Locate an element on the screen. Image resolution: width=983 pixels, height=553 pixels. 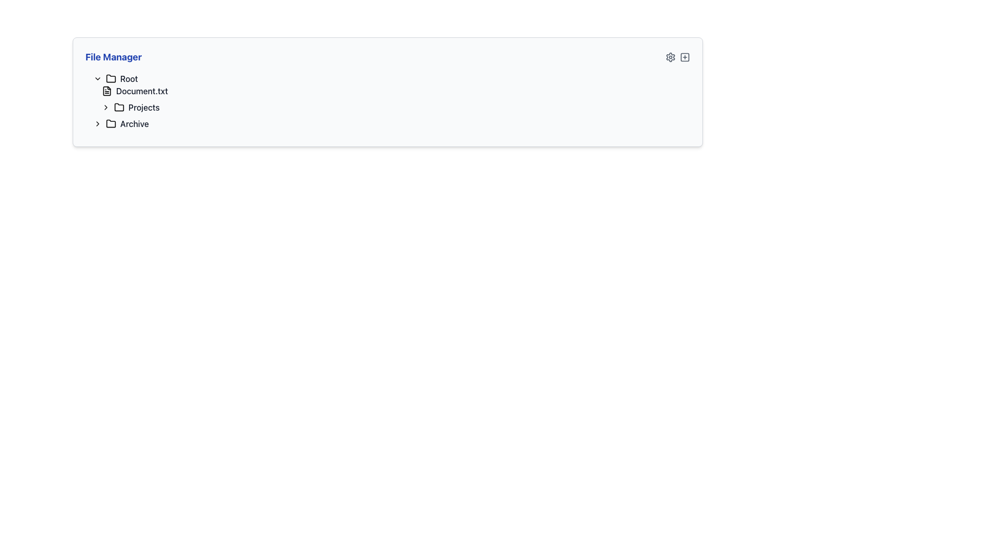
the 'Projects' folder label from the file manager interface is located at coordinates (143, 107).